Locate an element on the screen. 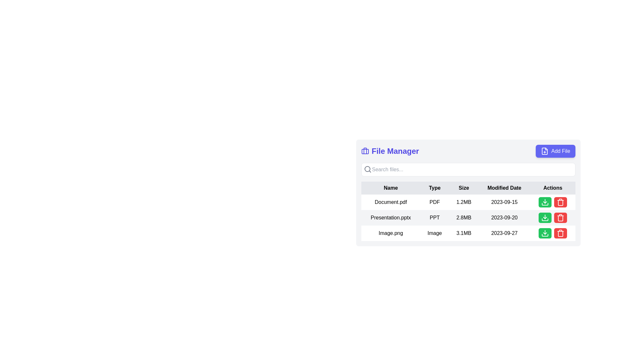  the text label that displays the modification date of the file 'Image.png' in the last column of the last row of the file manager interface is located at coordinates (504, 233).